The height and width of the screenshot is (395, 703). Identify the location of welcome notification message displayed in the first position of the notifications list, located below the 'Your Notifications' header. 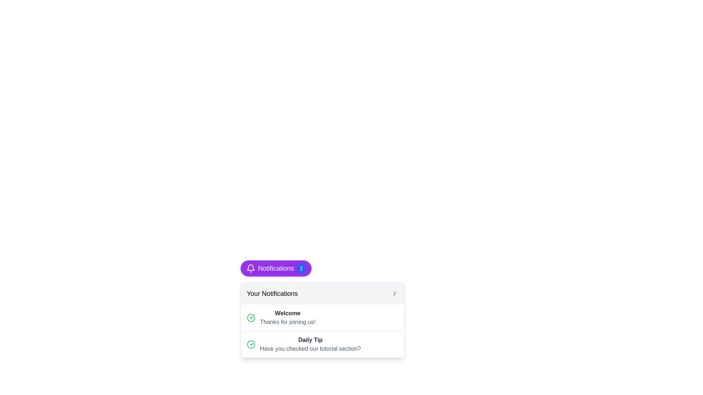
(287, 317).